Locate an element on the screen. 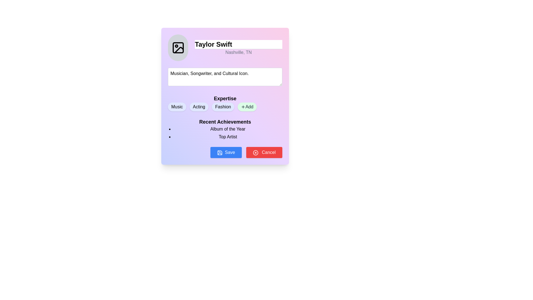 Image resolution: width=533 pixels, height=300 pixels. the text input field below the name 'Taylor Swift' and location 'Nashville, TN' to focus on it for text entry is located at coordinates (225, 77).